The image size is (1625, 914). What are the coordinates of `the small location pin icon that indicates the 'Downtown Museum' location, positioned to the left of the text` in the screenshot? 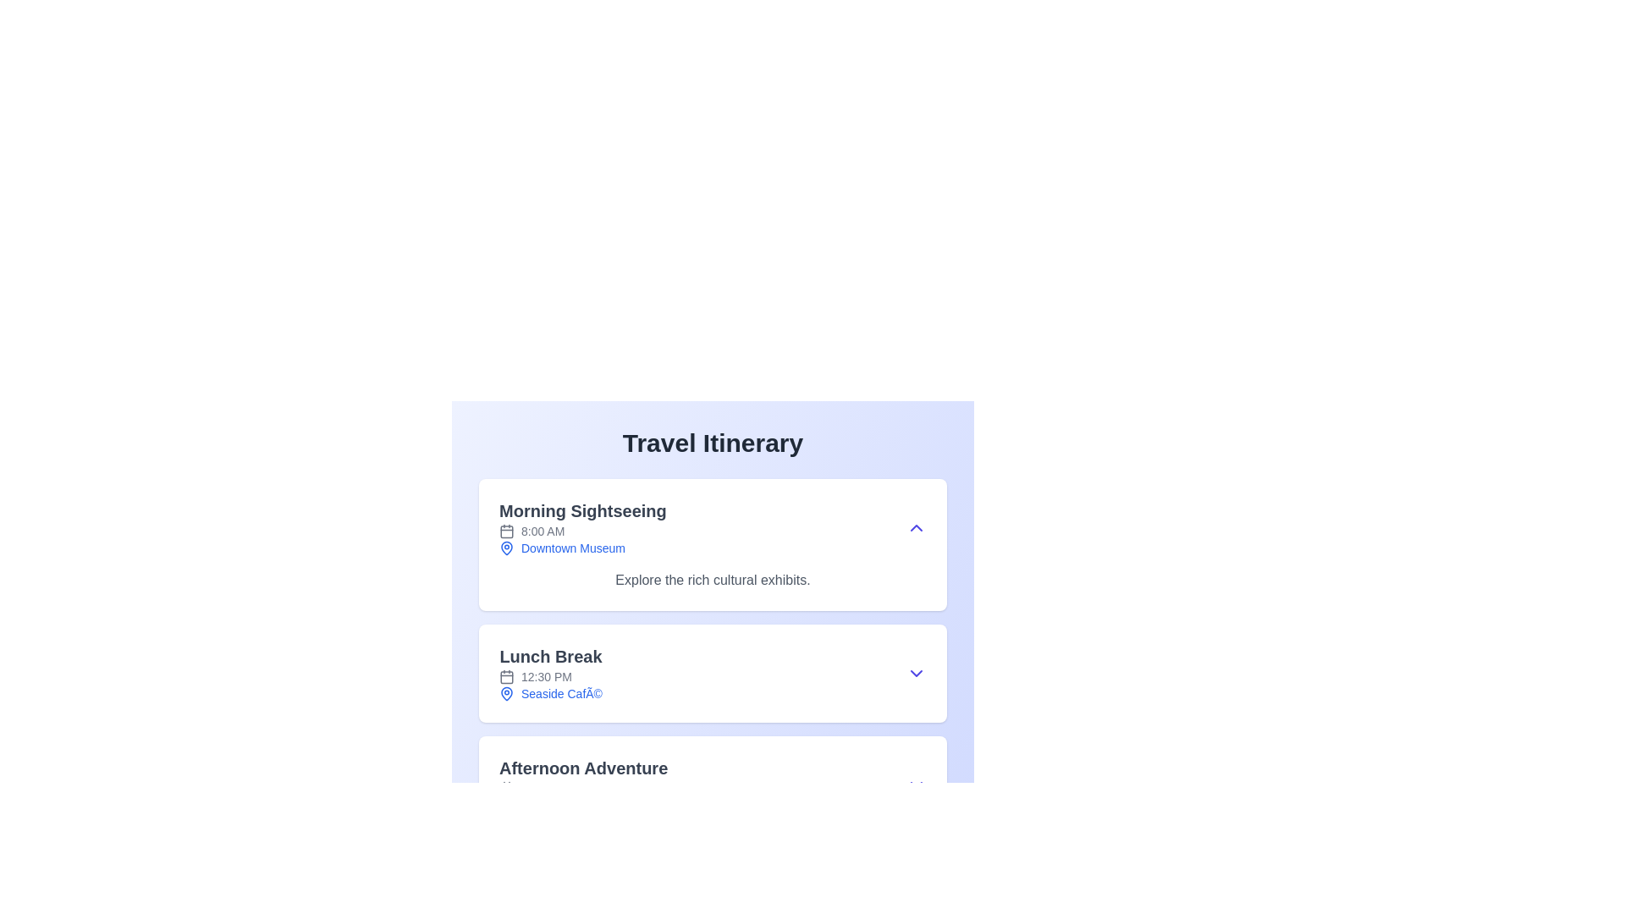 It's located at (506, 548).